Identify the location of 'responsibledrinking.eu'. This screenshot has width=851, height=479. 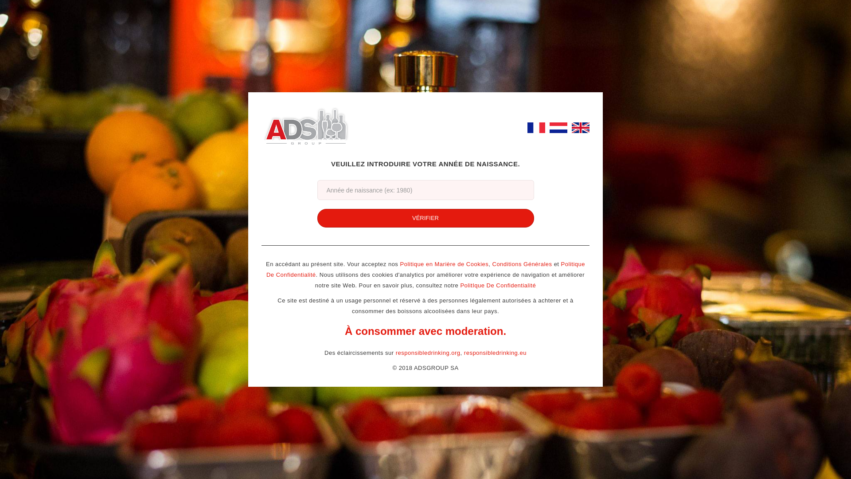
(495, 352).